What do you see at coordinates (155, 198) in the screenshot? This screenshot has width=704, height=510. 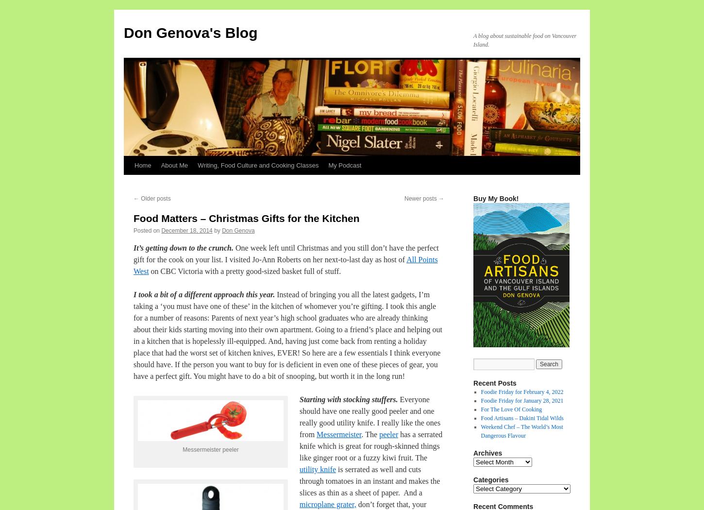 I see `'Older posts'` at bounding box center [155, 198].